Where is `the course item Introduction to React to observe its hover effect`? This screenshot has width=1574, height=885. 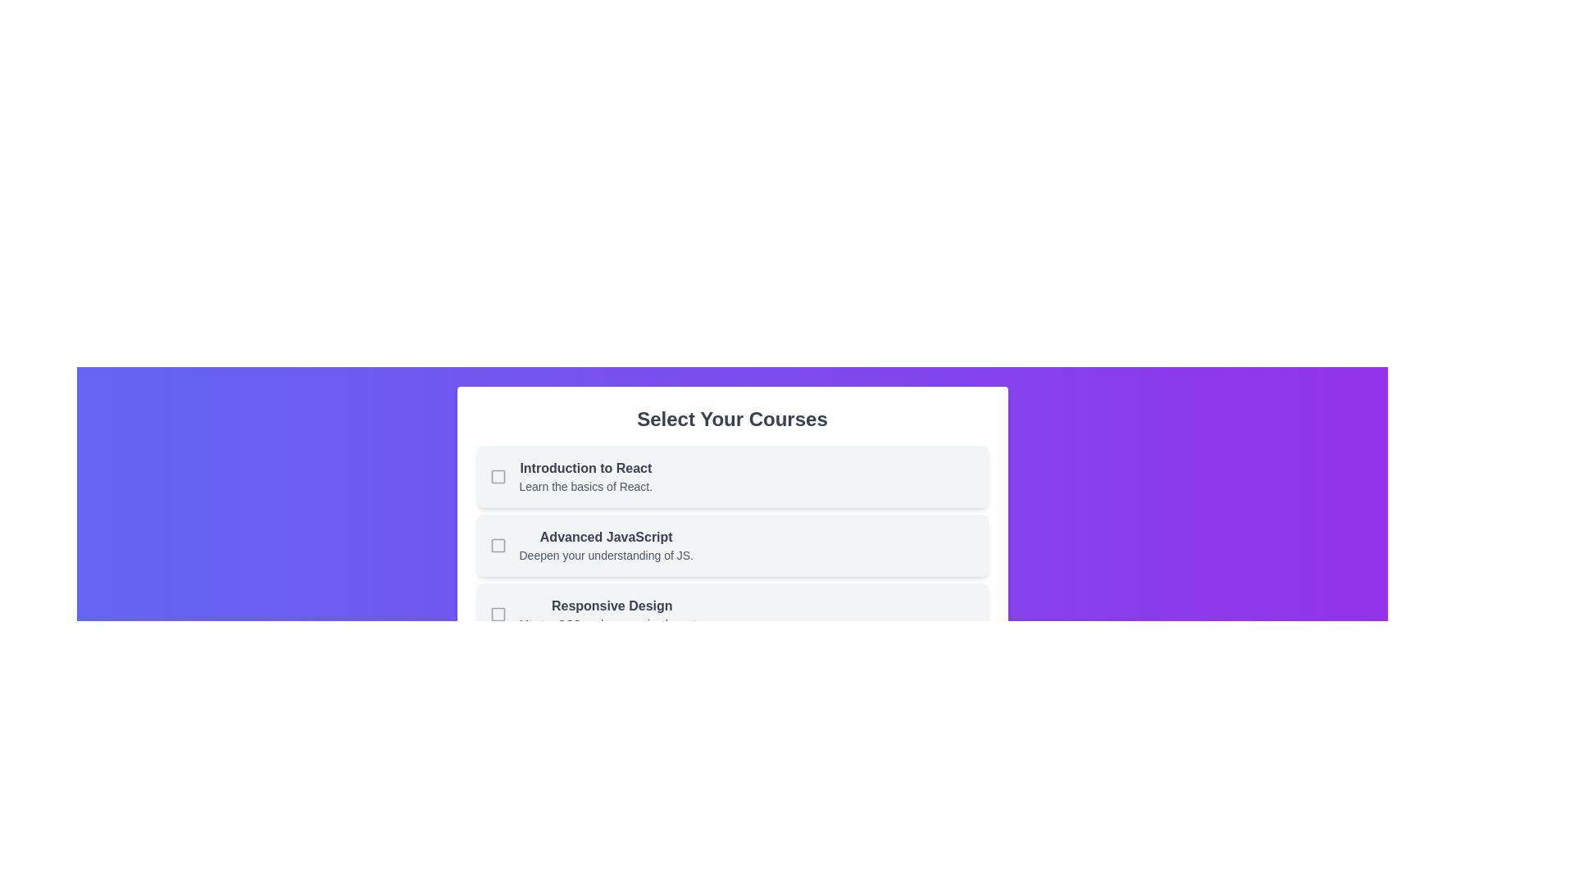
the course item Introduction to React to observe its hover effect is located at coordinates (731, 477).